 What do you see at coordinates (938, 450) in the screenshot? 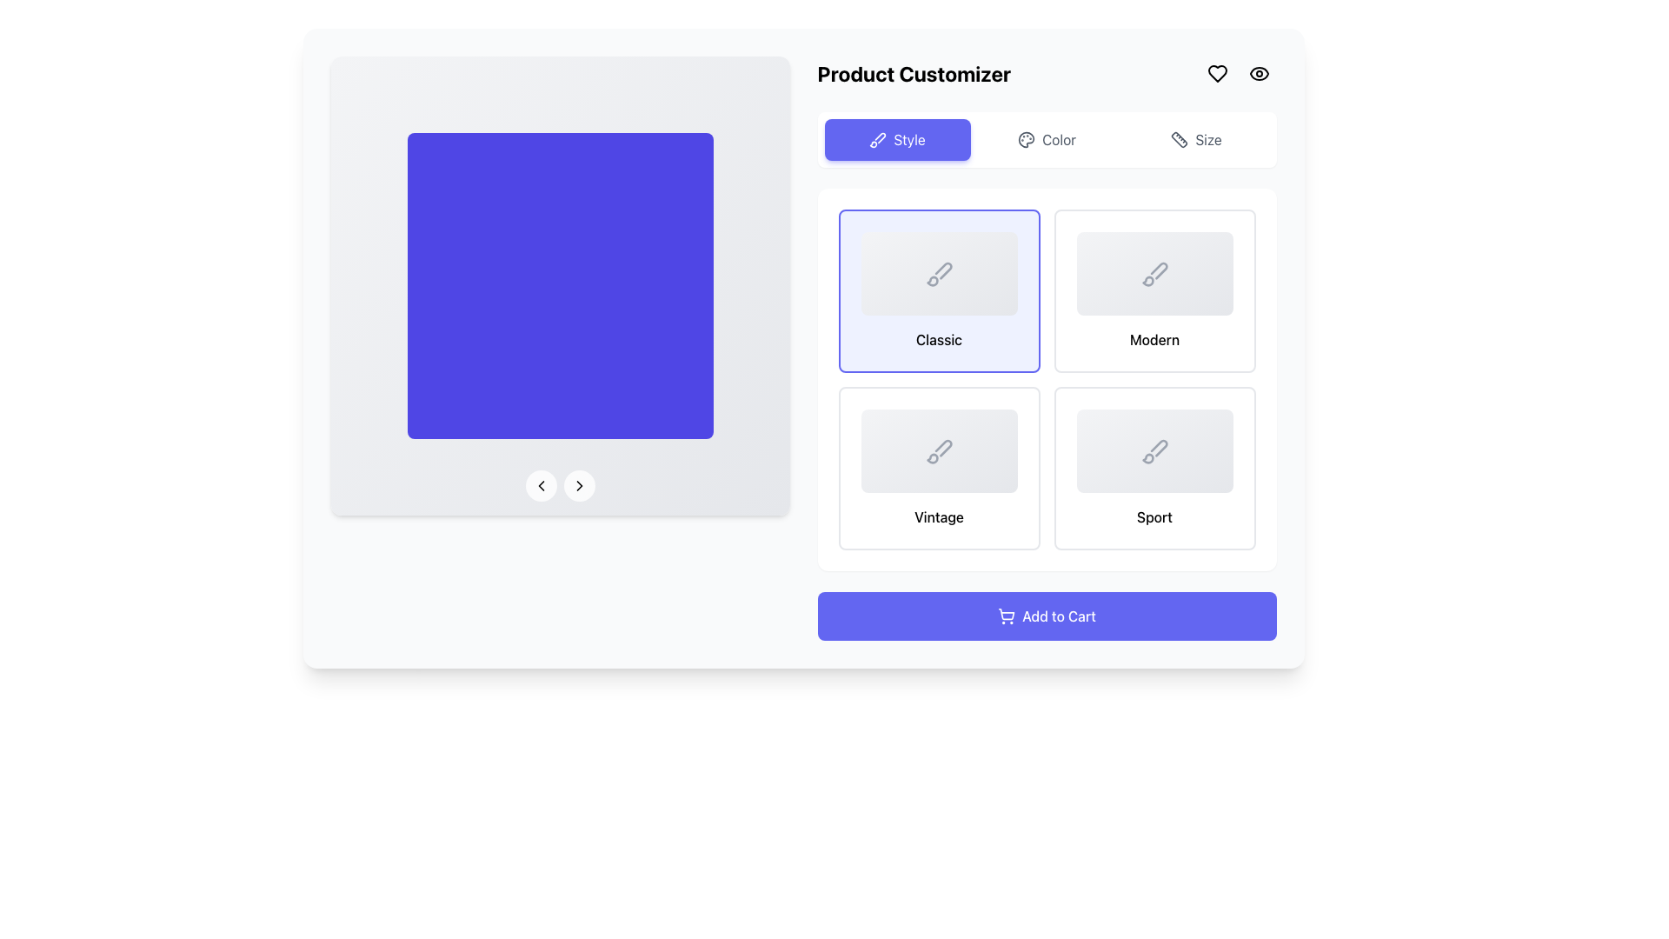
I see `the 'Vintage' style selection icon located in the bottom-left card of the 'Style' section to apply a vintage styling to the product` at bounding box center [938, 450].